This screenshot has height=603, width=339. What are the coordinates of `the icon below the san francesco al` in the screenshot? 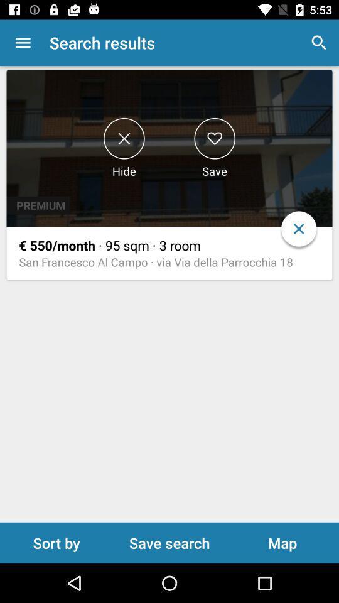 It's located at (169, 542).